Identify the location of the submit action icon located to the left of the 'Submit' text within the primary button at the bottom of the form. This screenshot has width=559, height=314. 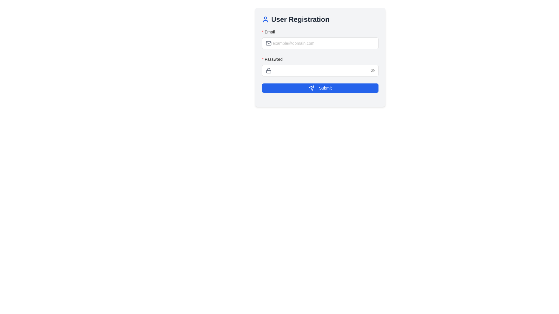
(311, 88).